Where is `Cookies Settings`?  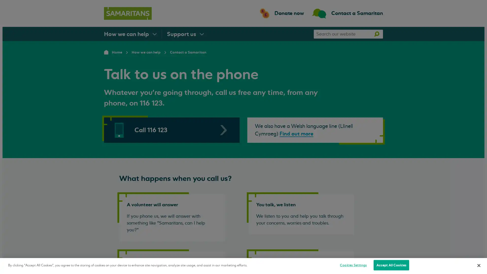 Cookies Settings is located at coordinates (353, 265).